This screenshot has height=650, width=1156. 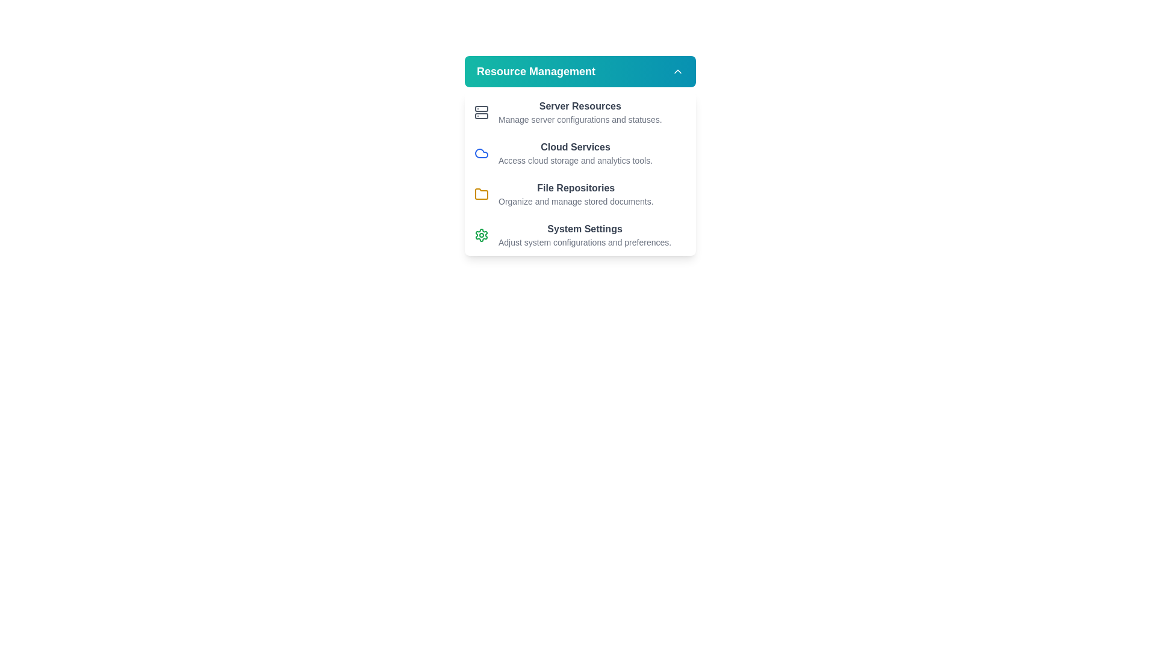 What do you see at coordinates (575, 194) in the screenshot?
I see `the 'File Repositories' navigation option in the 'Resource Management' menu, which is styled with a bold title and a description below it` at bounding box center [575, 194].